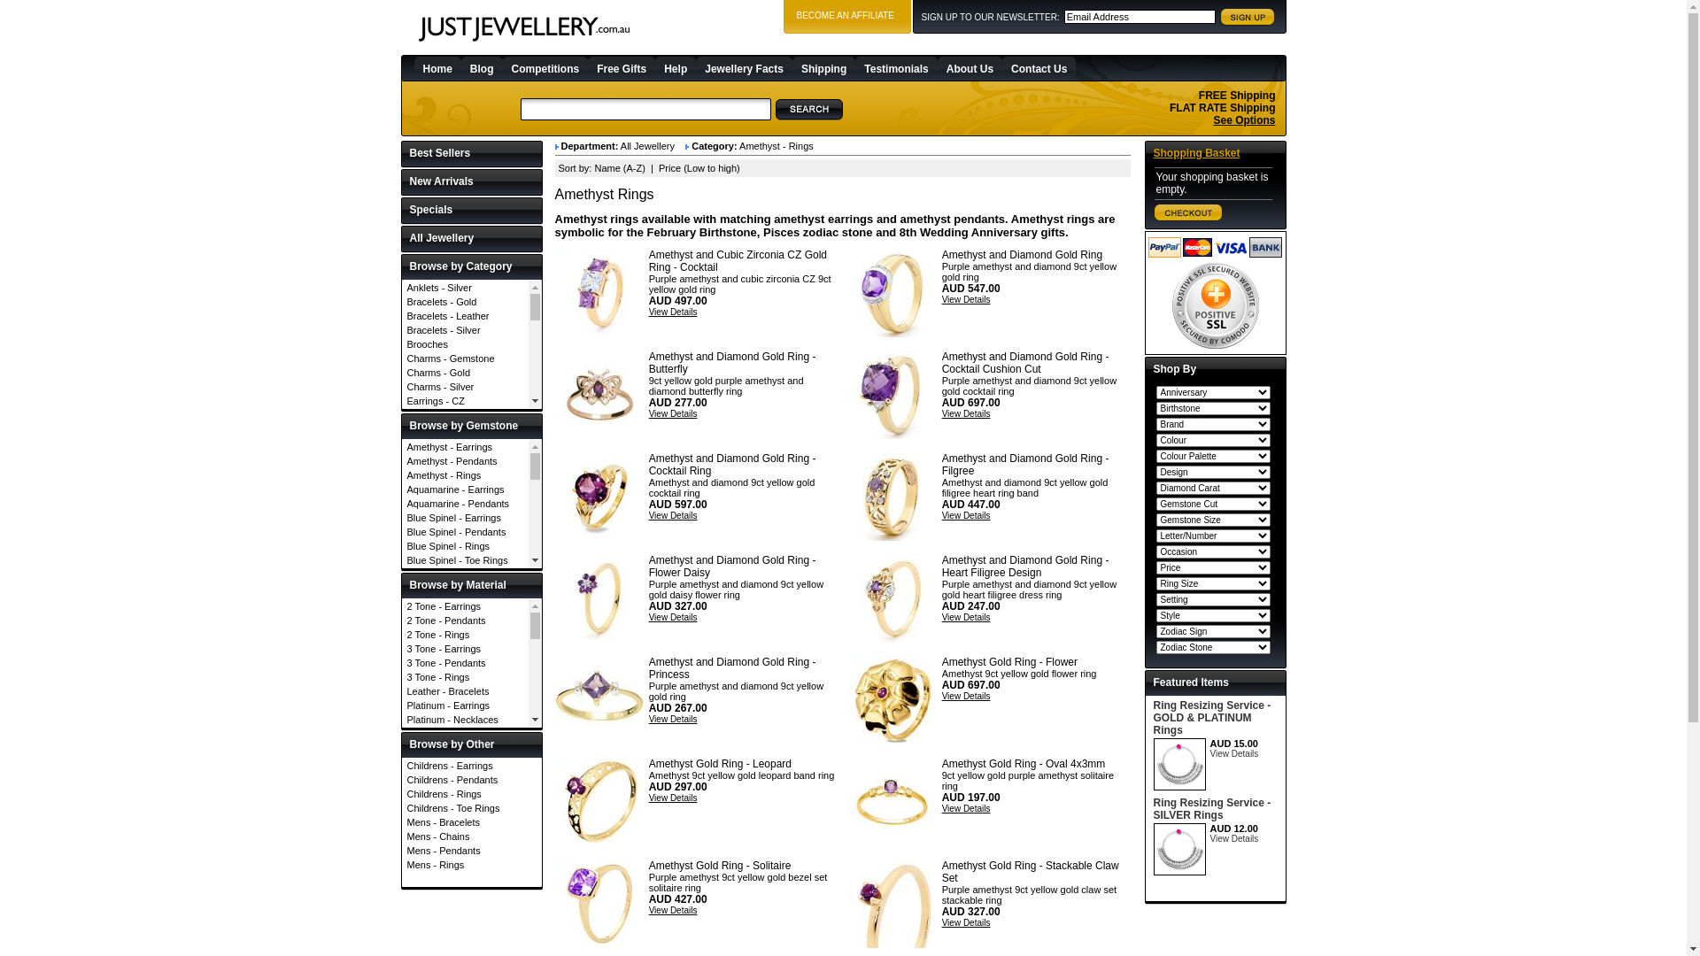 The image size is (1700, 956). Describe the element at coordinates (401, 474) in the screenshot. I see `'Amethyst - Rings'` at that location.